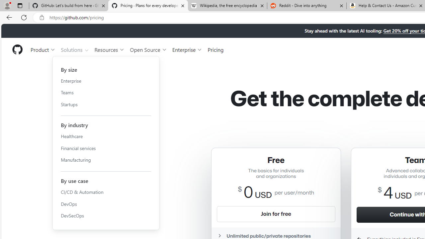 The width and height of the screenshot is (425, 239). What do you see at coordinates (106, 203) in the screenshot?
I see `'DevOps'` at bounding box center [106, 203].